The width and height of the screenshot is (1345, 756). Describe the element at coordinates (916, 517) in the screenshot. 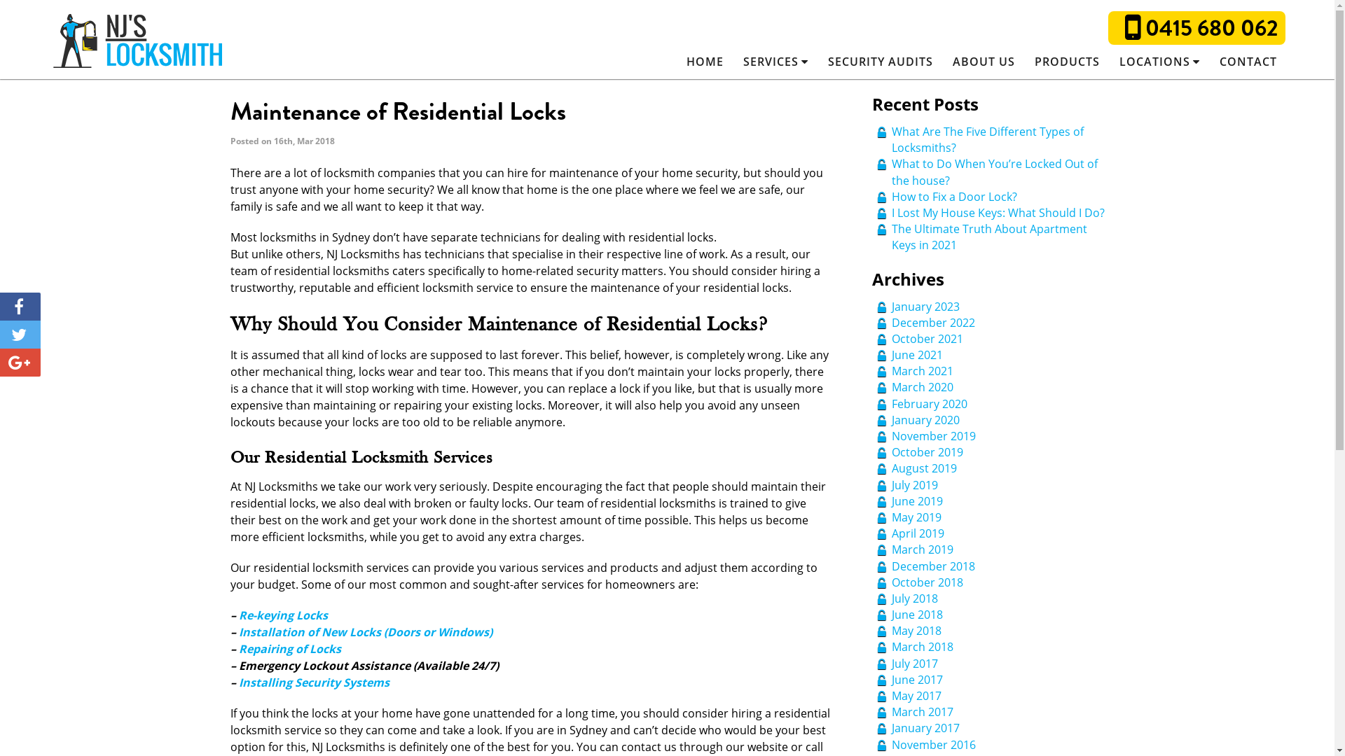

I see `'May 2019'` at that location.